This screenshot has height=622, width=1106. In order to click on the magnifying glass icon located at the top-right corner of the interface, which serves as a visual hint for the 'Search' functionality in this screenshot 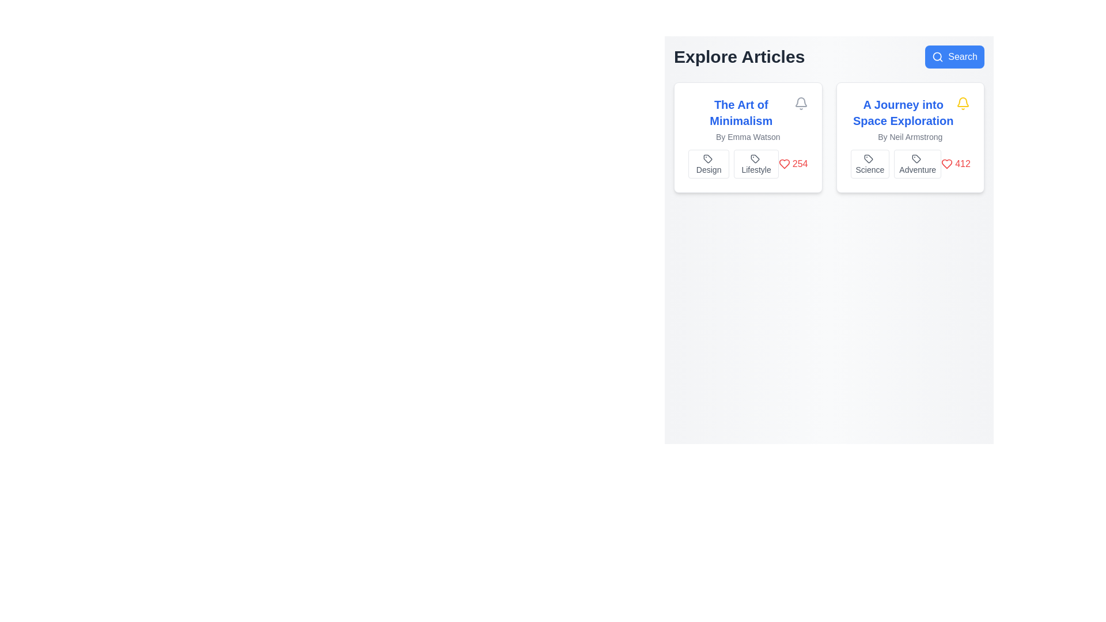, I will do `click(938, 57)`.